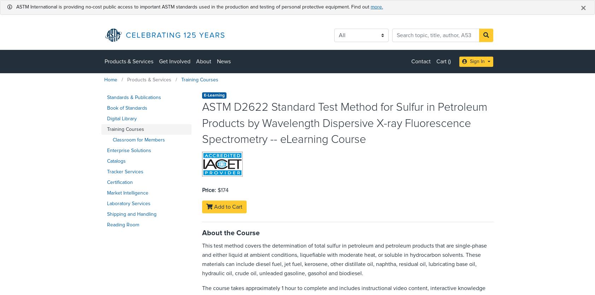 This screenshot has height=295, width=595. Describe the element at coordinates (377, 7) in the screenshot. I see `'more.'` at that location.